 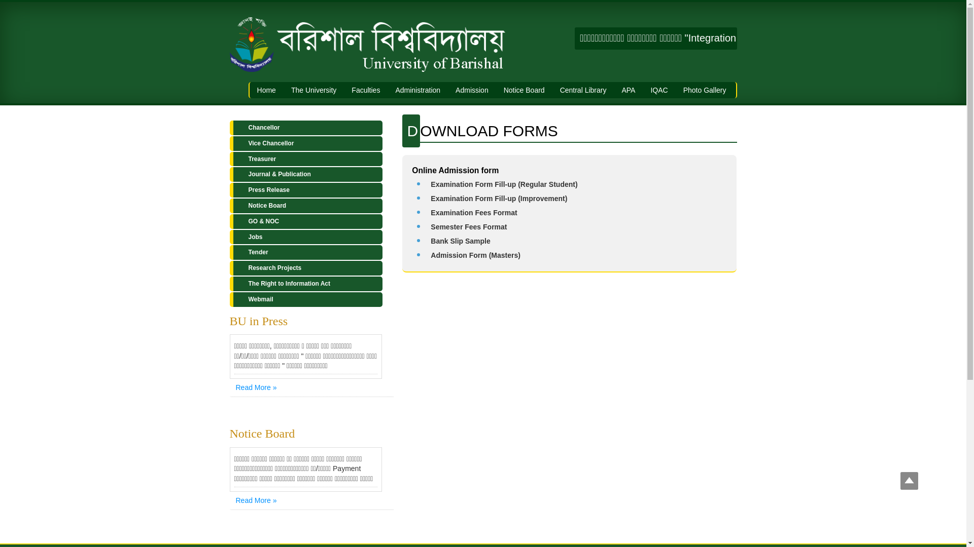 I want to click on 'Admission', so click(x=471, y=89).